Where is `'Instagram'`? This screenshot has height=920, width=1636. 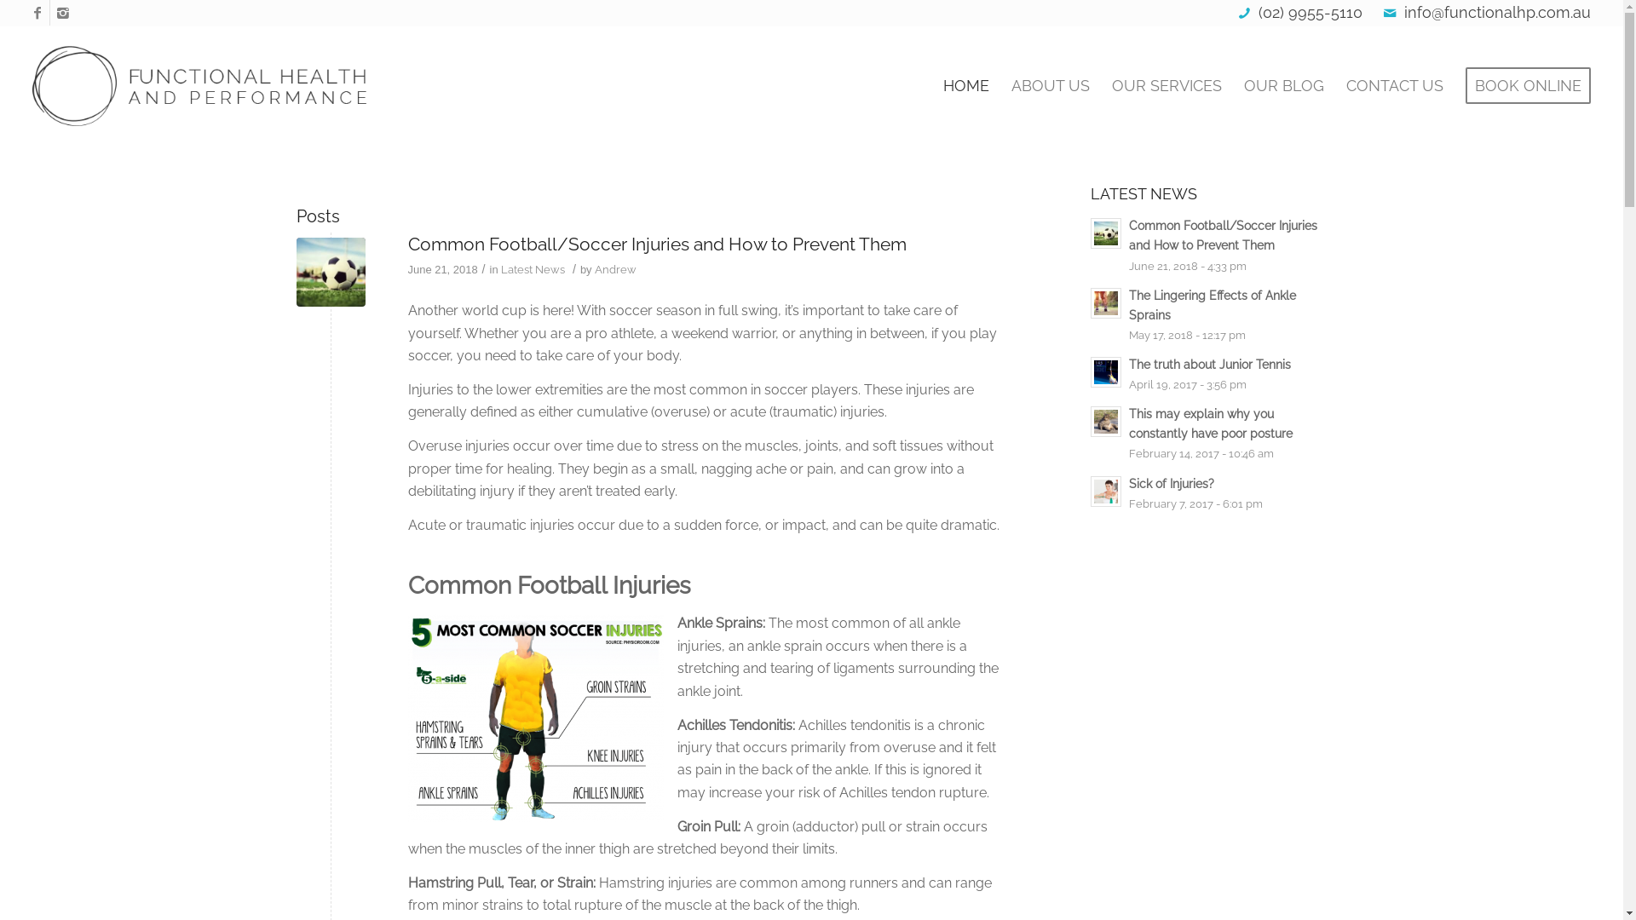
'Instagram' is located at coordinates (62, 13).